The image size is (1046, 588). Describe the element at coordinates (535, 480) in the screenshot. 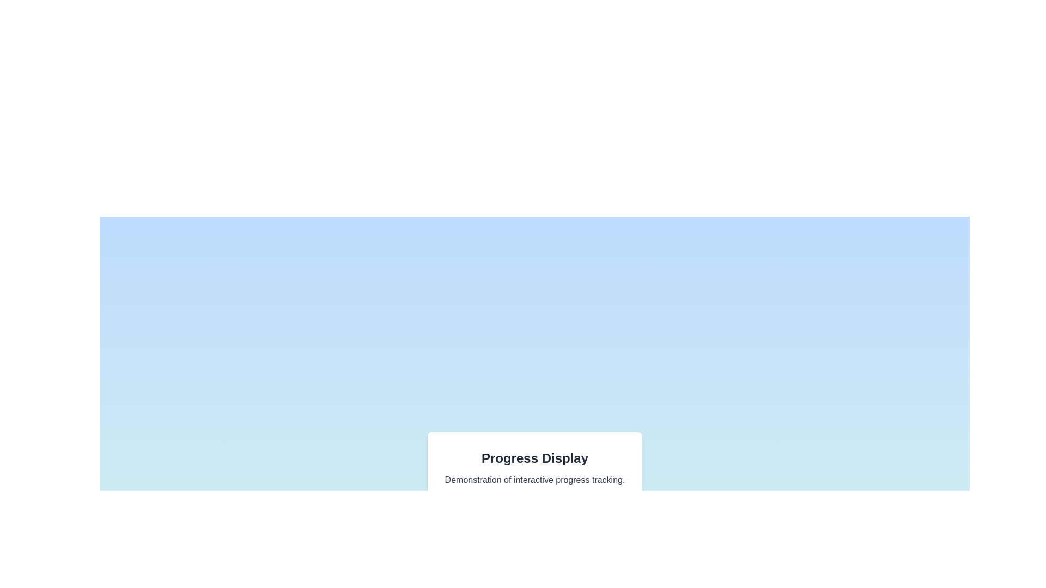

I see `text content of the Text Label displaying 'Demonstration of interactive progress tracking.', which is styled in gray and positioned below the header 'Progress Display'` at that location.